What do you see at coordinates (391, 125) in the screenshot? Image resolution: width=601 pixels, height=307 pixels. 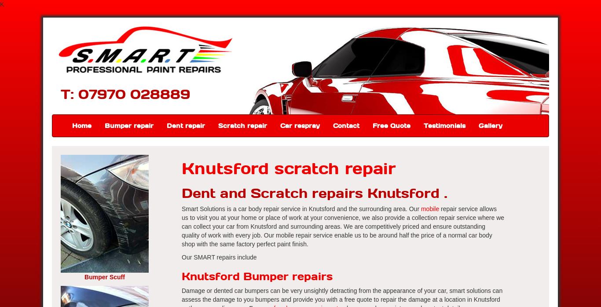 I see `'Free Quote'` at bounding box center [391, 125].